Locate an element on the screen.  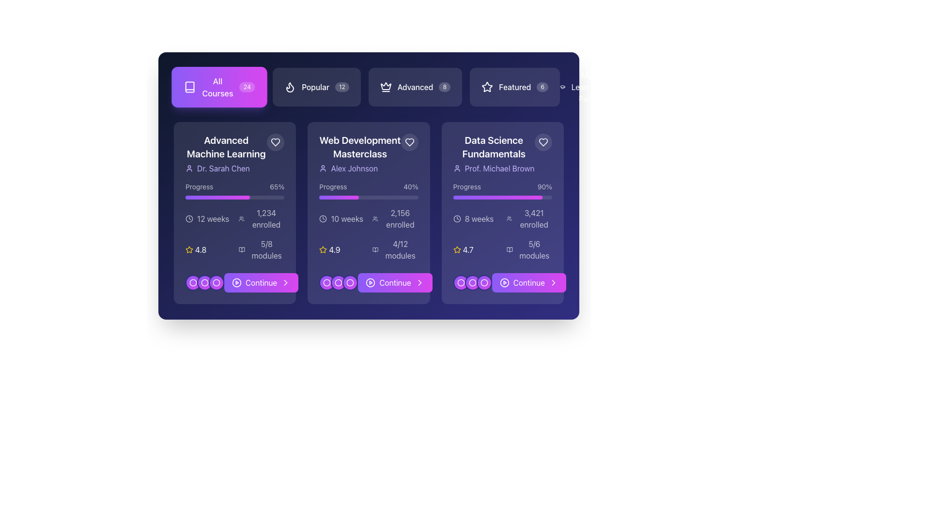
the progress bar located at the bottom section of the 'Data Science Fundamentals' card, which is aligned horizontally and positioned to the right under the 'Progress' text with '90%' is located at coordinates (502, 197).